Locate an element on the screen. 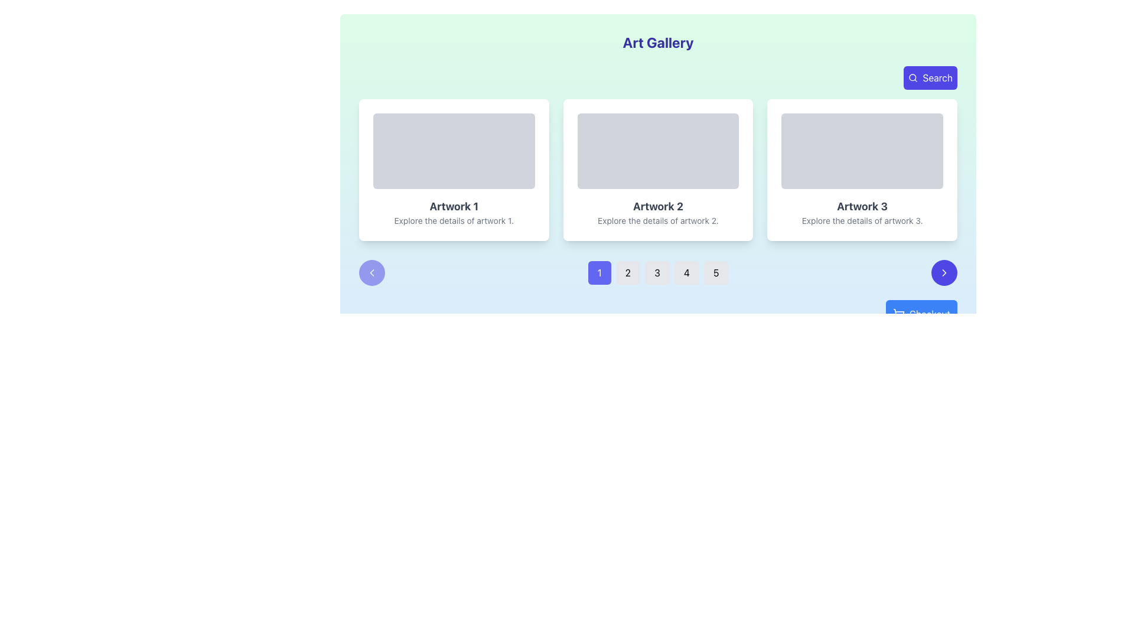 The height and width of the screenshot is (638, 1134). the circular button with a leftward-pointing arrow in the pagination section is located at coordinates (371, 273).